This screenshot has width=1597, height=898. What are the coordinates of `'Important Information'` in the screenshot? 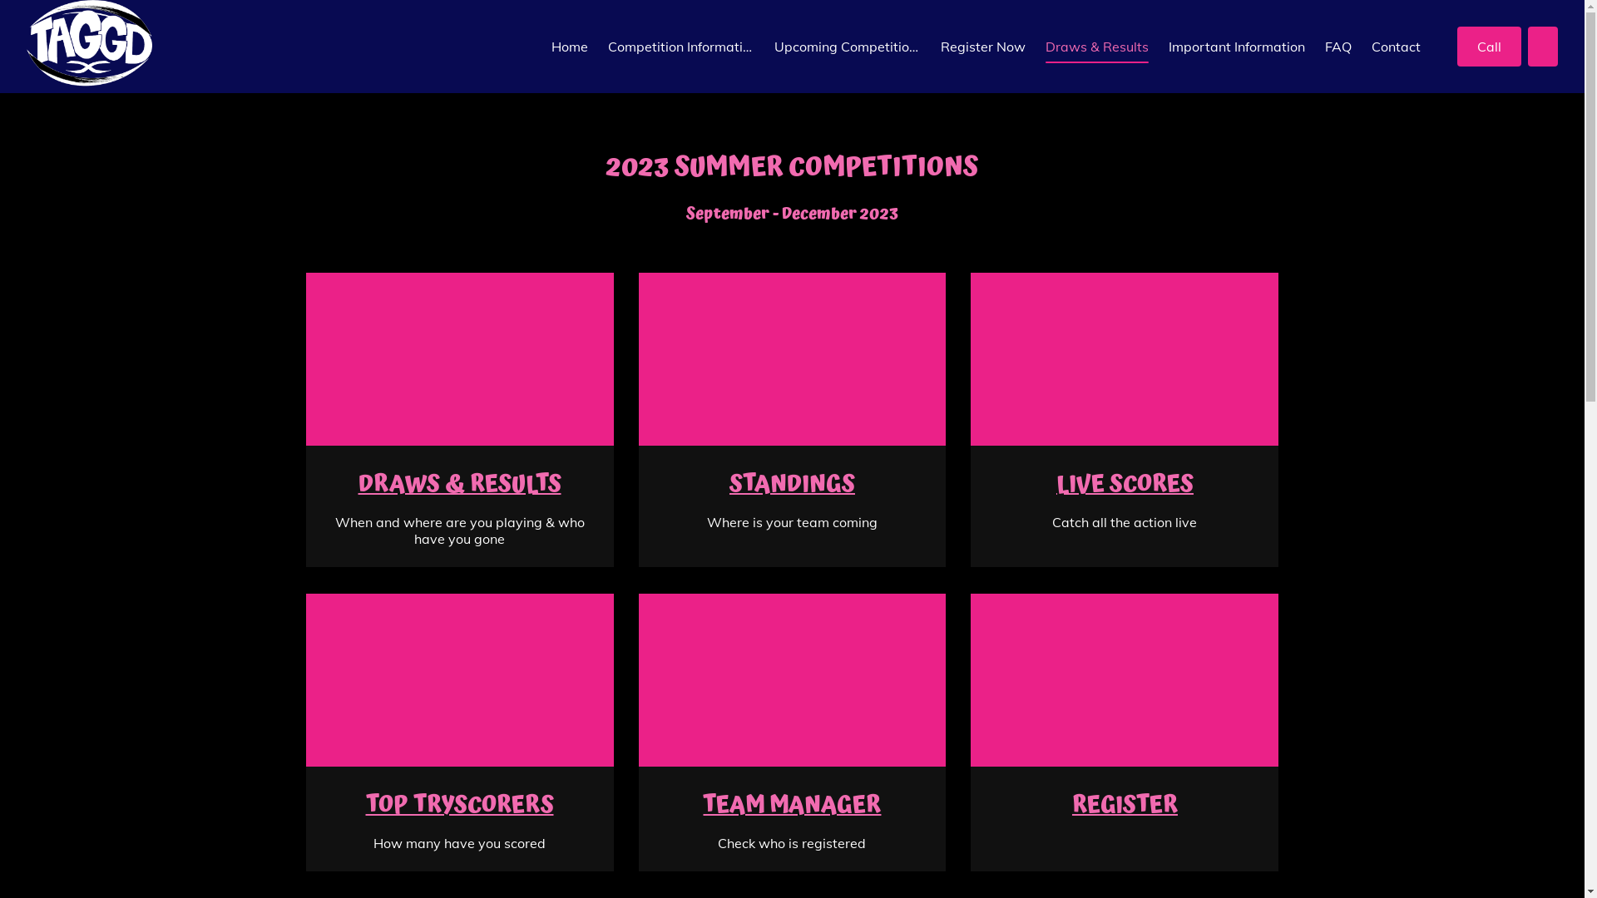 It's located at (1157, 46).